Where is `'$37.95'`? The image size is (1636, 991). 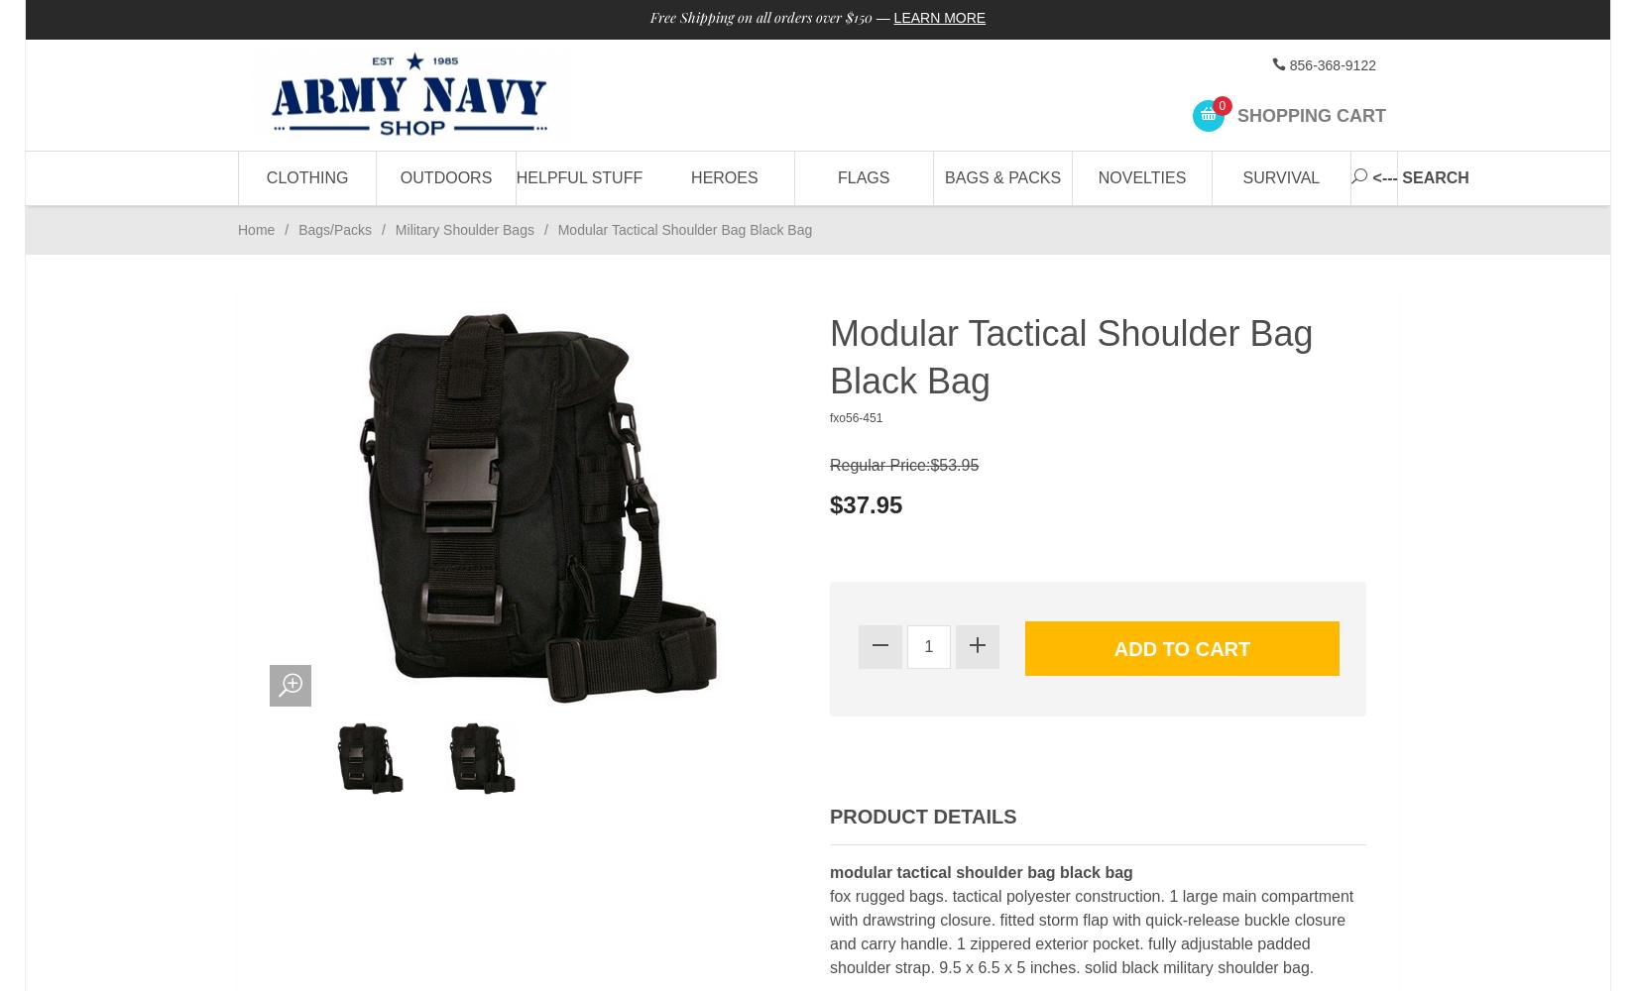
'$37.95' is located at coordinates (830, 503).